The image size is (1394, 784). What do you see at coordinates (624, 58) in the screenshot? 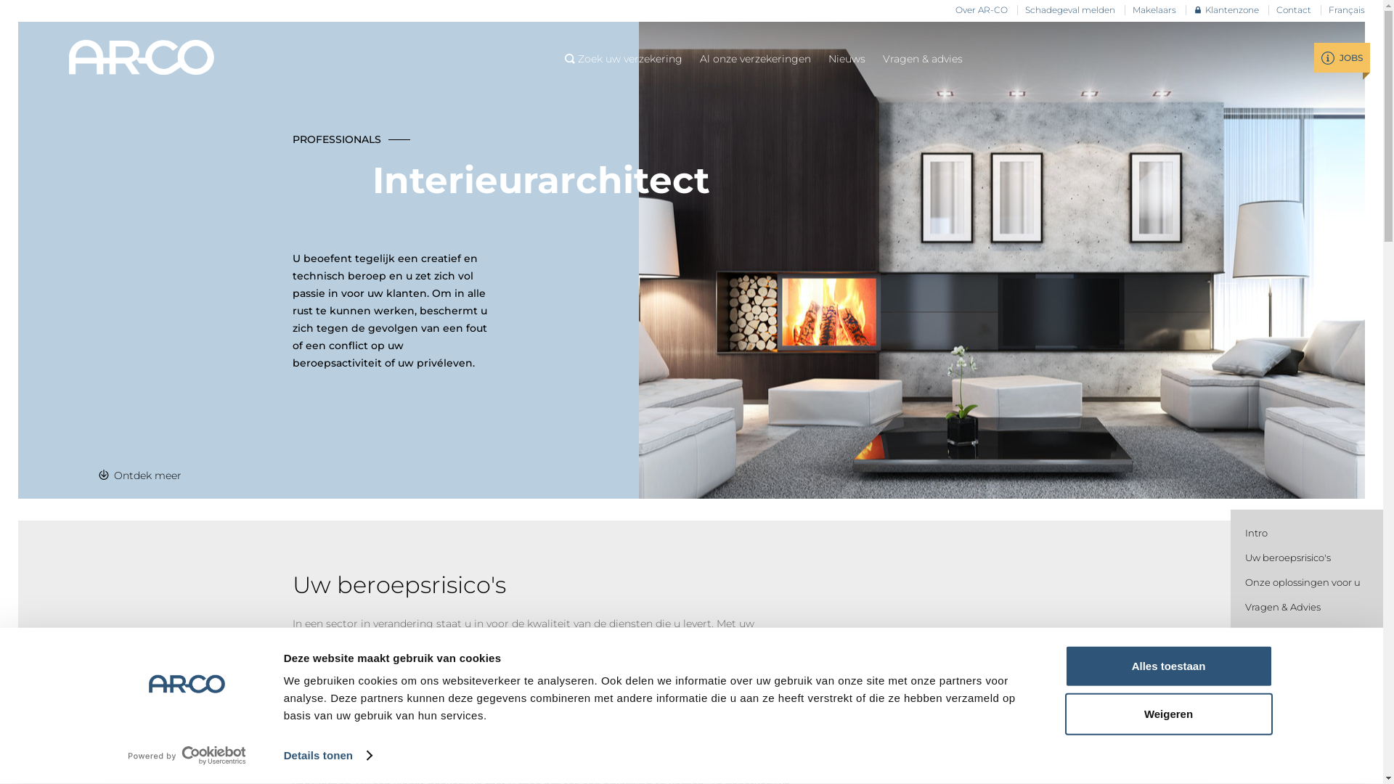
I see `'Zoek uw verzekering'` at bounding box center [624, 58].